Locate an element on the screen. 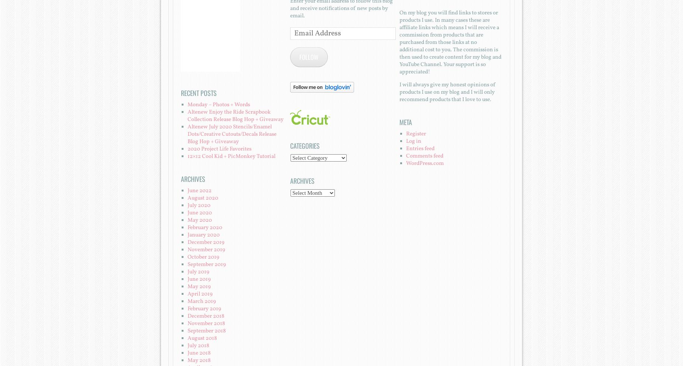 The height and width of the screenshot is (366, 683). '2020 Project Life Favorites' is located at coordinates (219, 149).